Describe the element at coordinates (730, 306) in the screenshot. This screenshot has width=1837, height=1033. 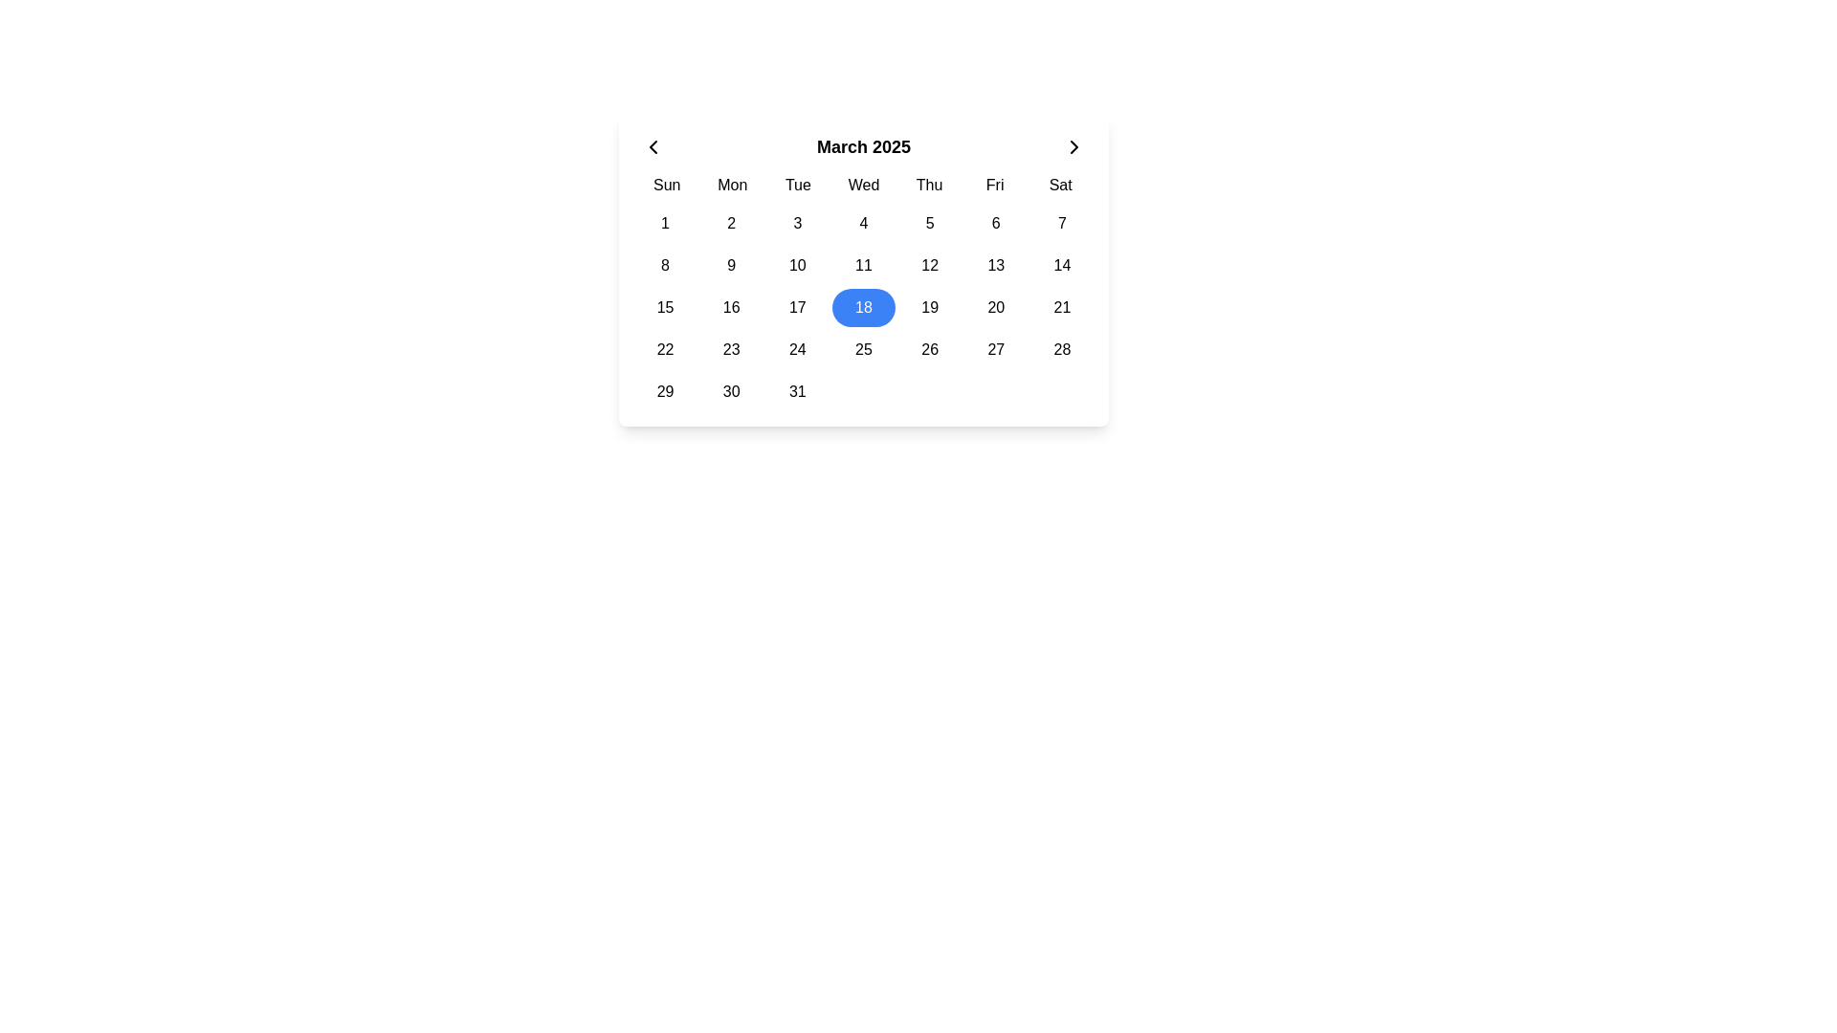
I see `the circular button with the numeral '16' located in the third row and second column of the calendar interface` at that location.